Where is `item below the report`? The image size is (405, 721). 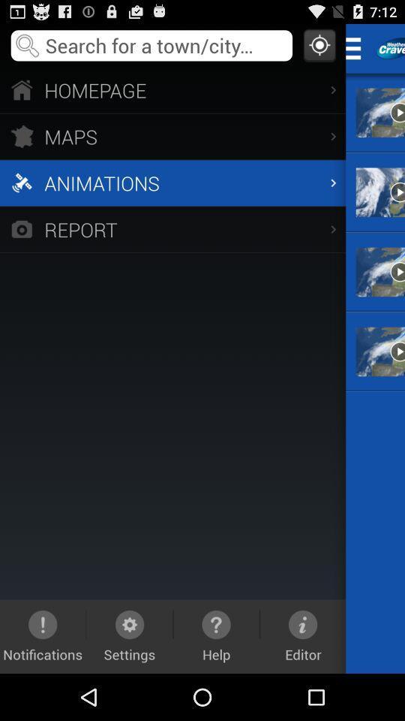
item below the report is located at coordinates (215, 635).